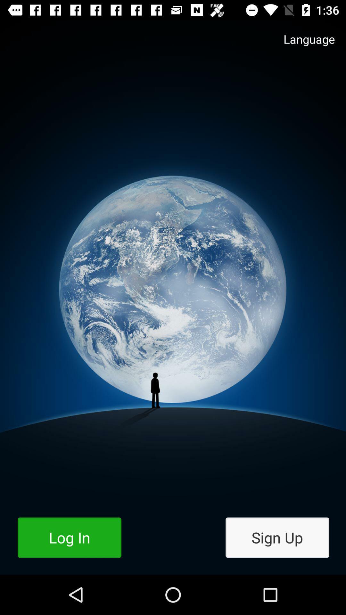  What do you see at coordinates (303, 45) in the screenshot?
I see `item above sign up icon` at bounding box center [303, 45].